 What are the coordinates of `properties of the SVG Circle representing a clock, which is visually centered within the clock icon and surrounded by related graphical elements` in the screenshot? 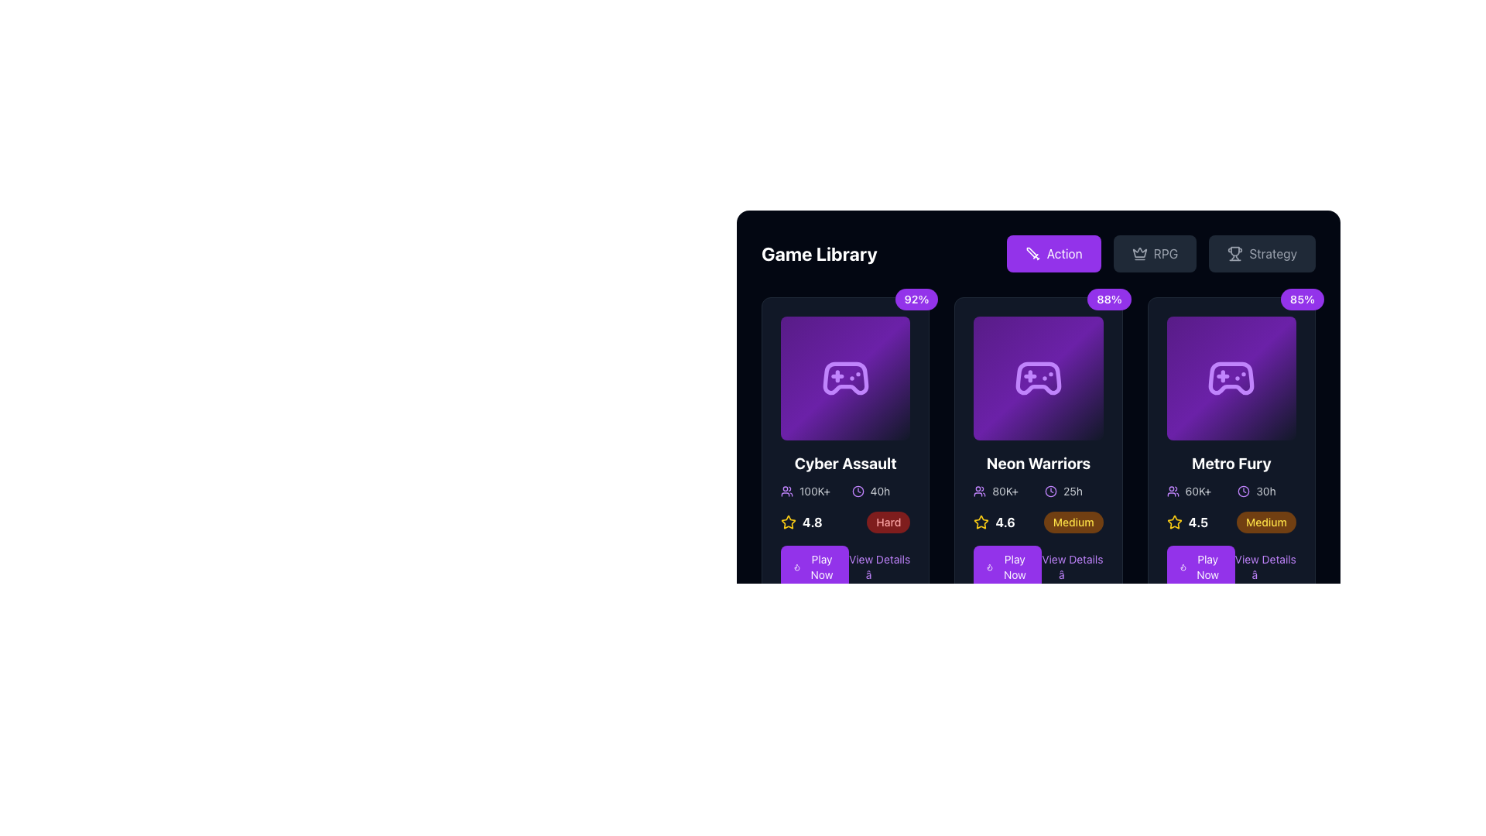 It's located at (1244, 492).